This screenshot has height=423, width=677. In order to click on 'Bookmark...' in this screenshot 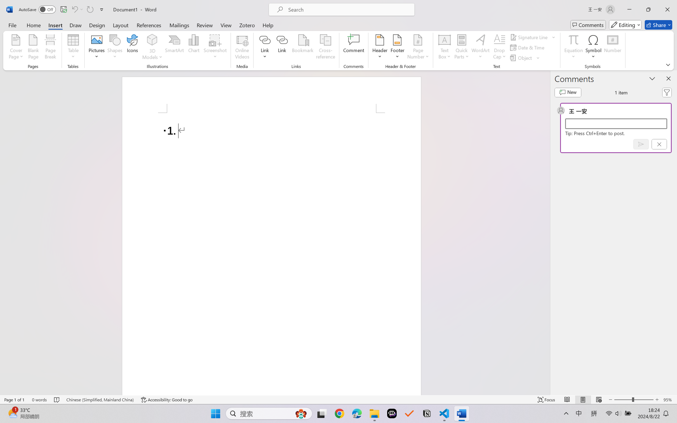, I will do `click(302, 48)`.